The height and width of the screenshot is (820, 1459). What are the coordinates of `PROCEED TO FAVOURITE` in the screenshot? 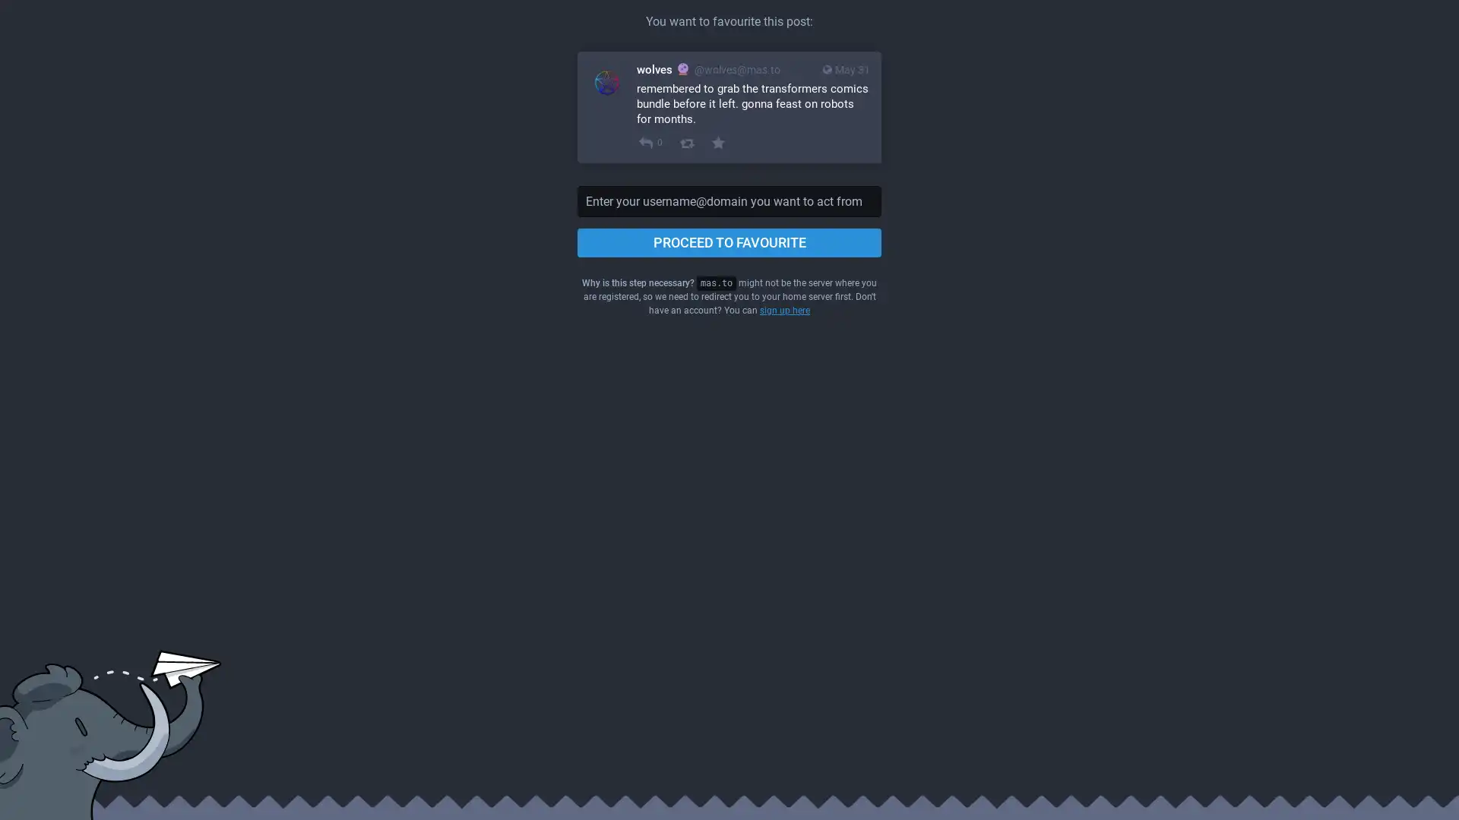 It's located at (729, 242).